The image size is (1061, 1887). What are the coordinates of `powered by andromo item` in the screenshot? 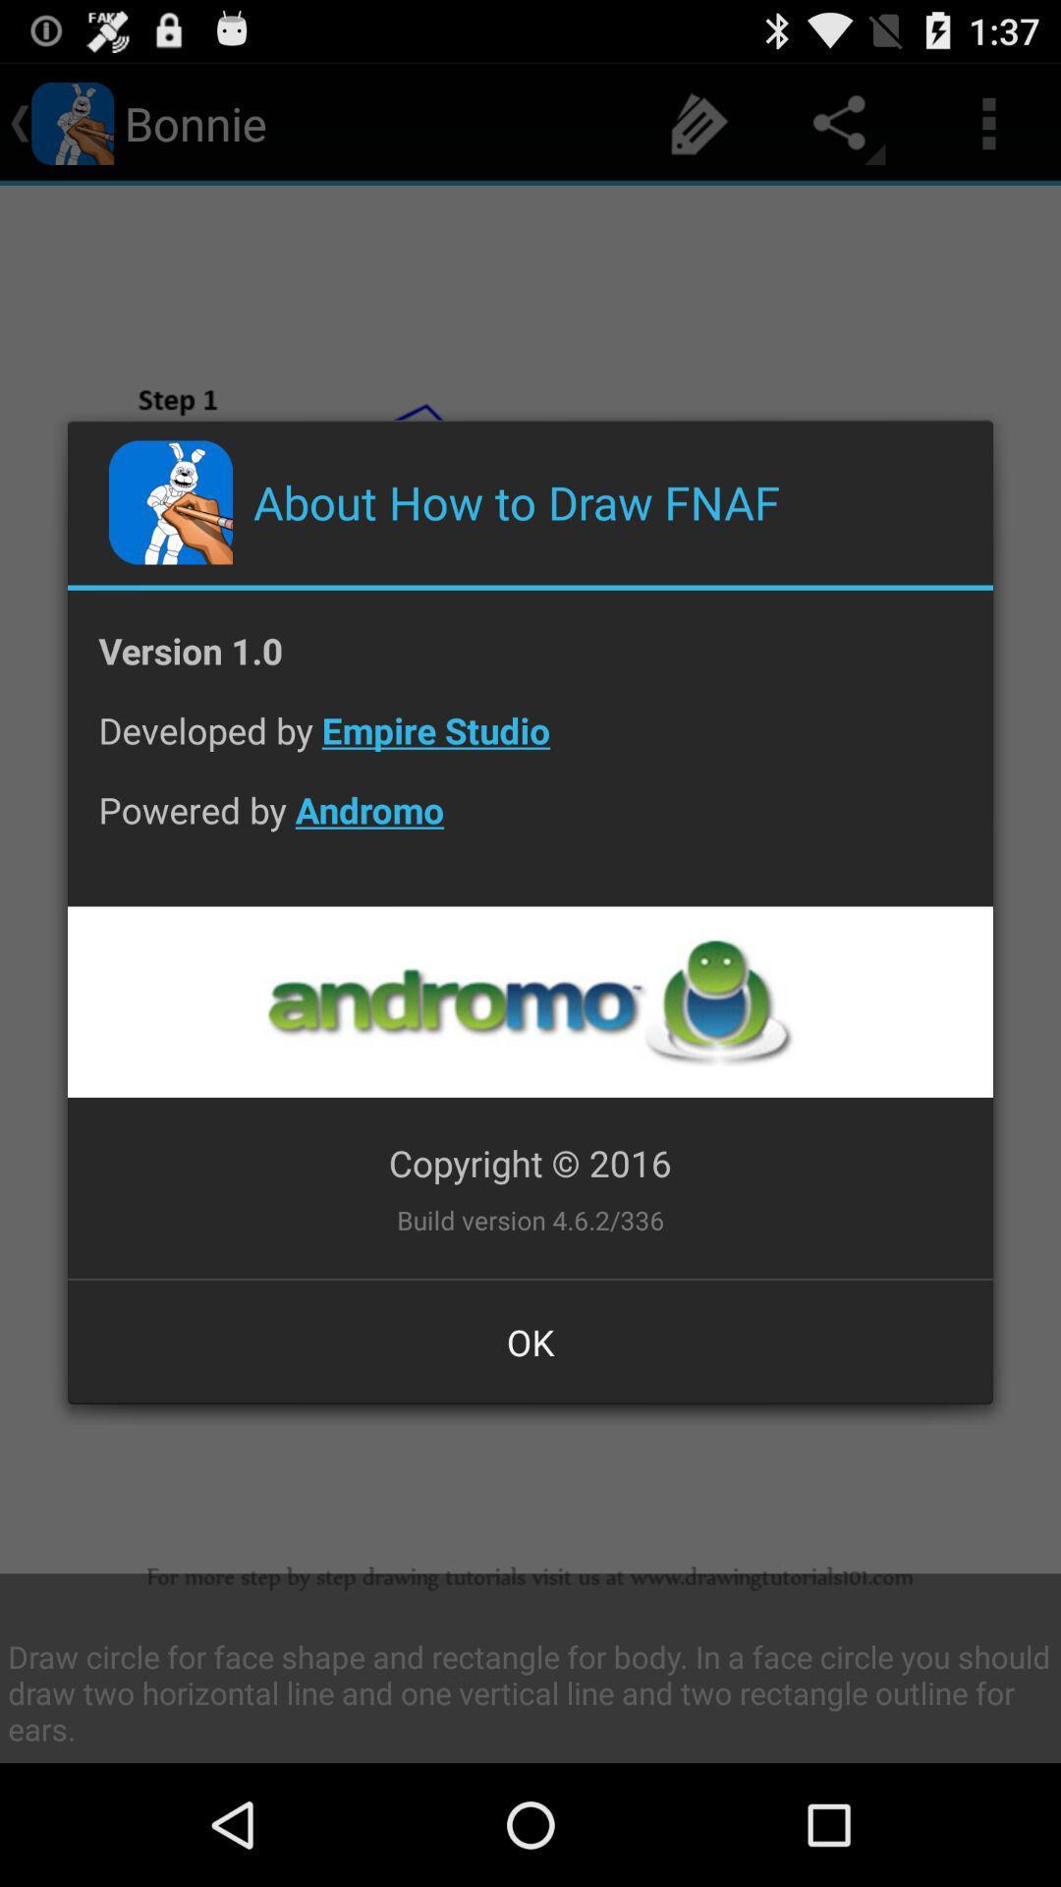 It's located at (530, 826).